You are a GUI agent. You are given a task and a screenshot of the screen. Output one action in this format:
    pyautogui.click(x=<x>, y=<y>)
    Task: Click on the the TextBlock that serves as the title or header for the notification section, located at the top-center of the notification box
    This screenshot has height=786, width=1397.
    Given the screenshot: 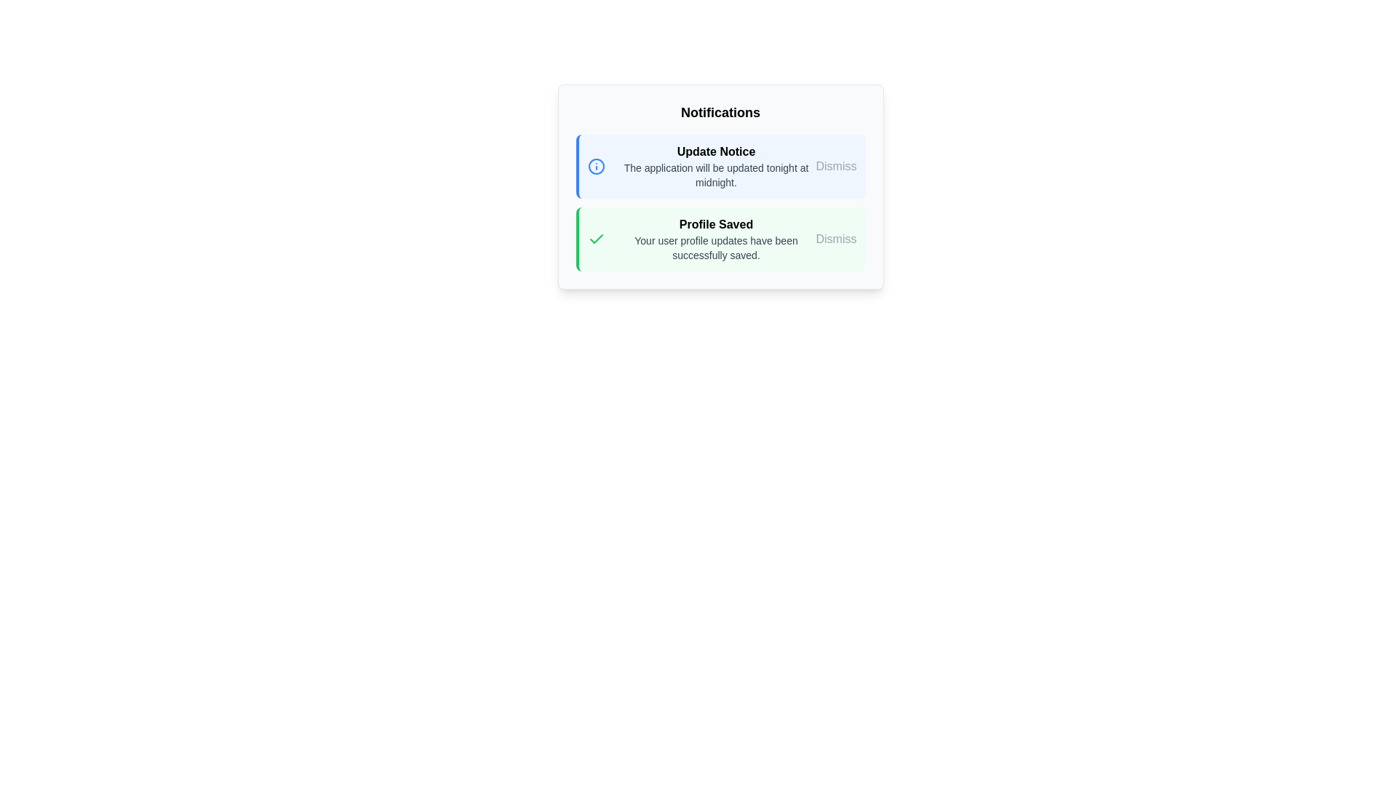 What is the action you would take?
    pyautogui.click(x=720, y=111)
    